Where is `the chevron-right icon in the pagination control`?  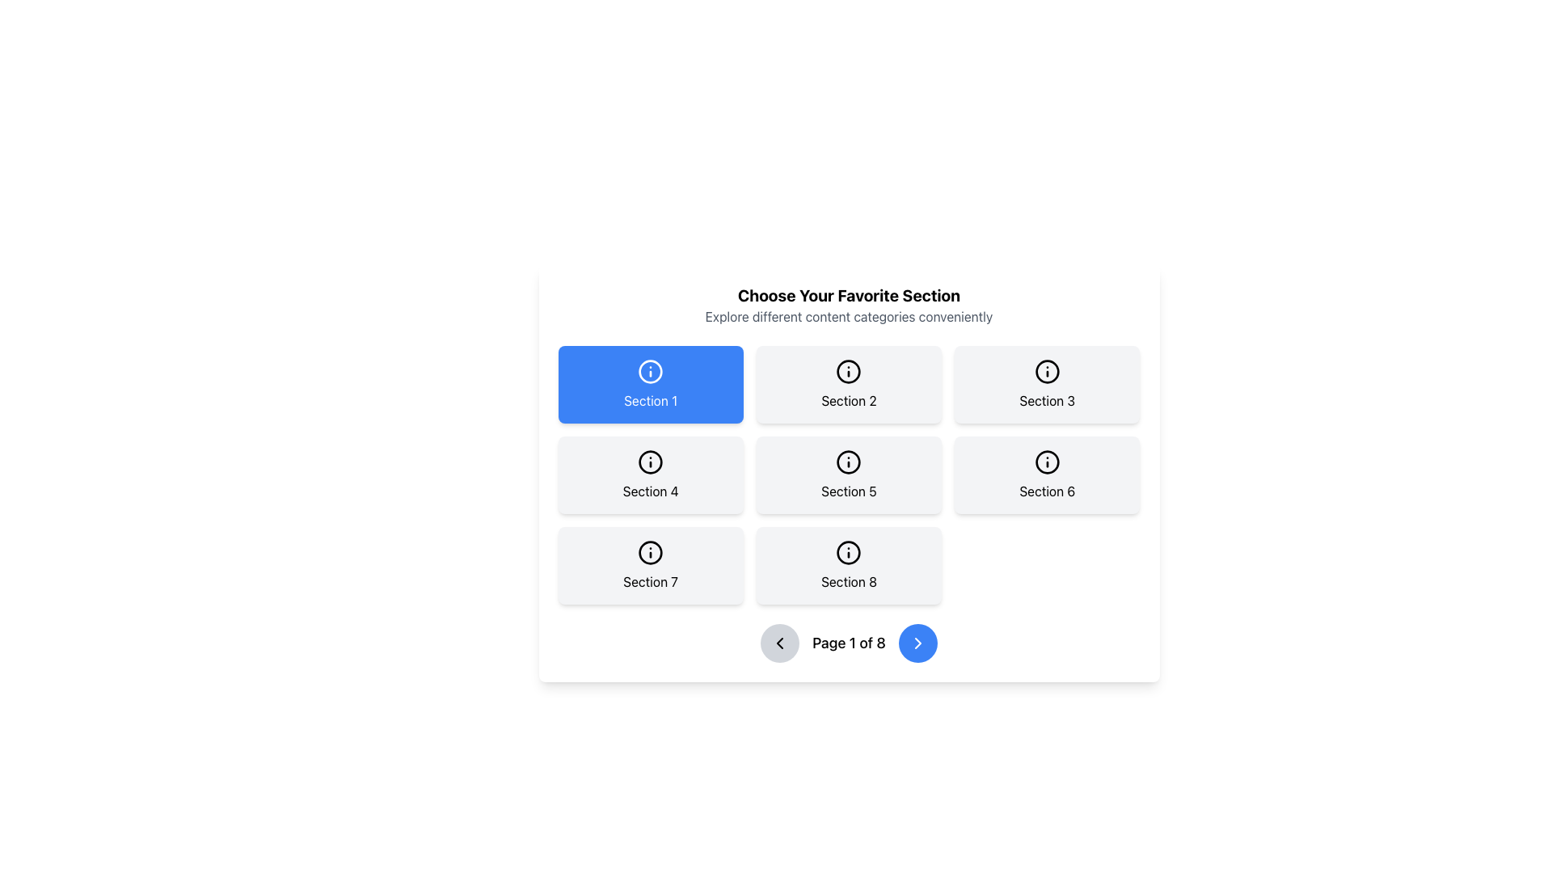
the chevron-right icon in the pagination control is located at coordinates (917, 642).